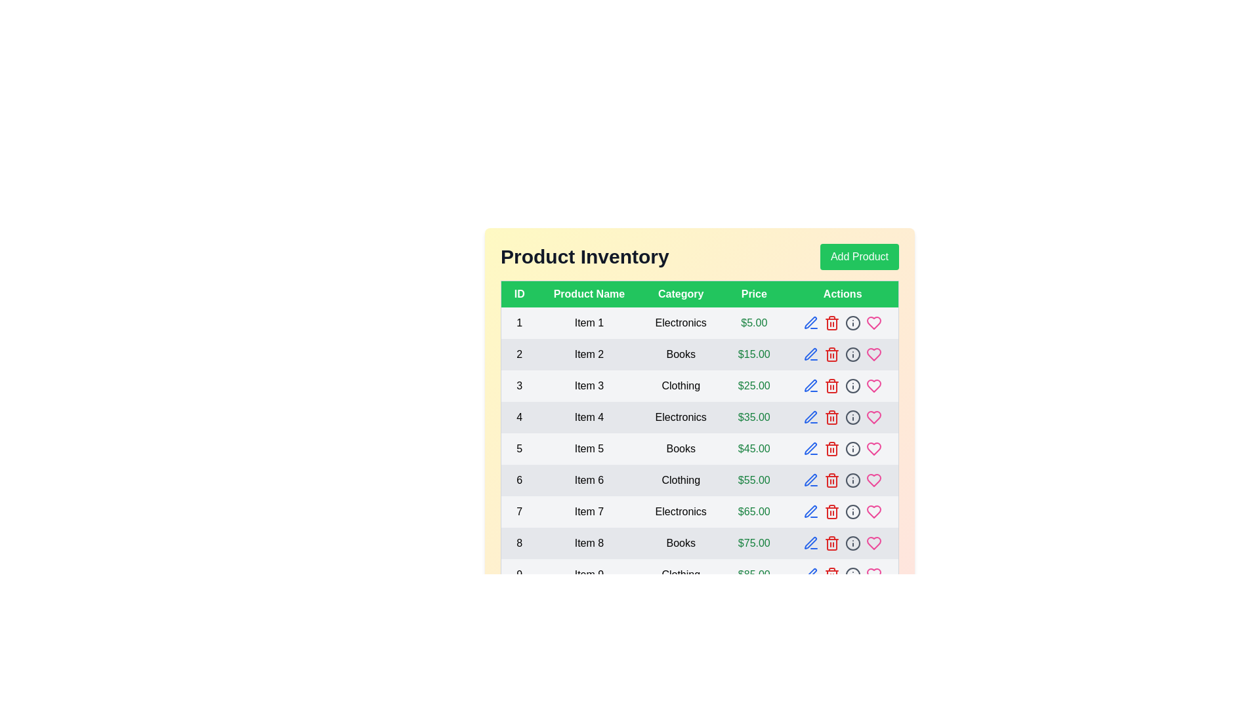  I want to click on the header Price to sort or filter the table, so click(754, 293).